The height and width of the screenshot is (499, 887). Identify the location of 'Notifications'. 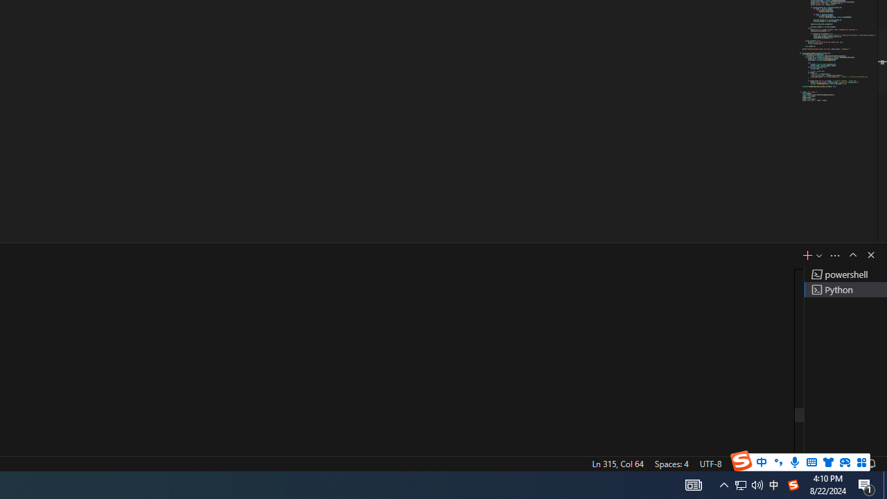
(870, 463).